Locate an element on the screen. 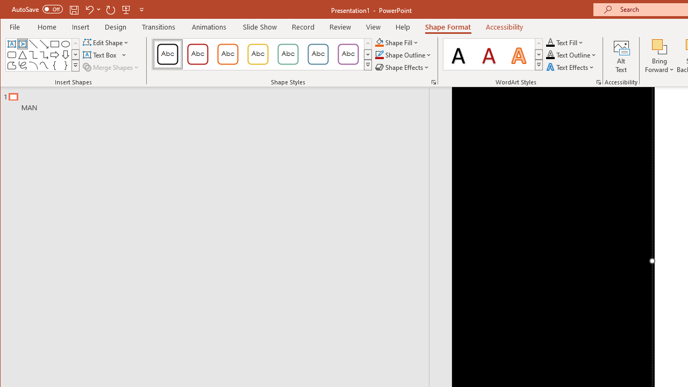  'Colored Outline - Black, Dark 1' is located at coordinates (167, 54).